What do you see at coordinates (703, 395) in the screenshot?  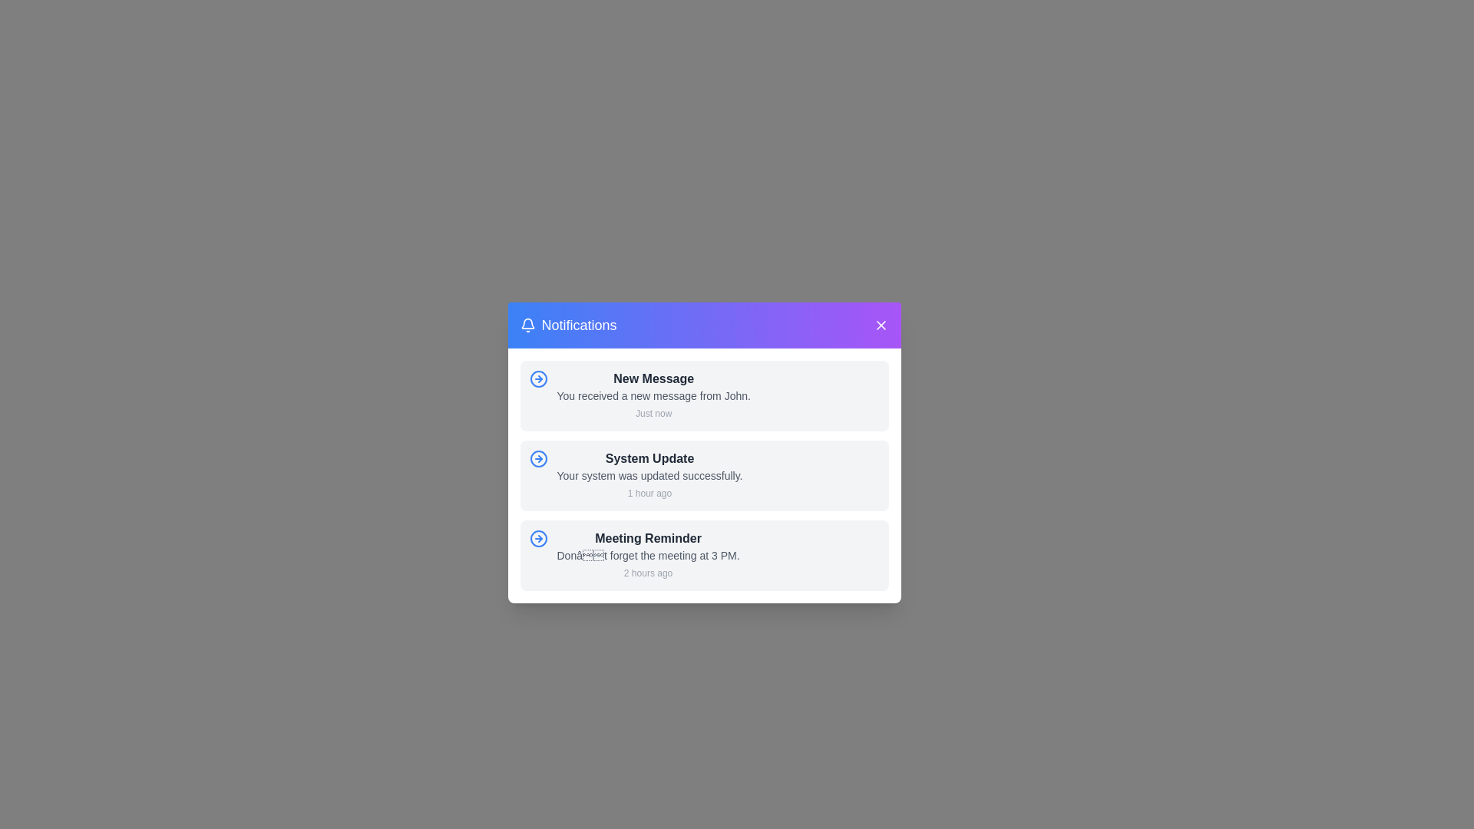 I see `the first notification card in the notification drawer` at bounding box center [703, 395].